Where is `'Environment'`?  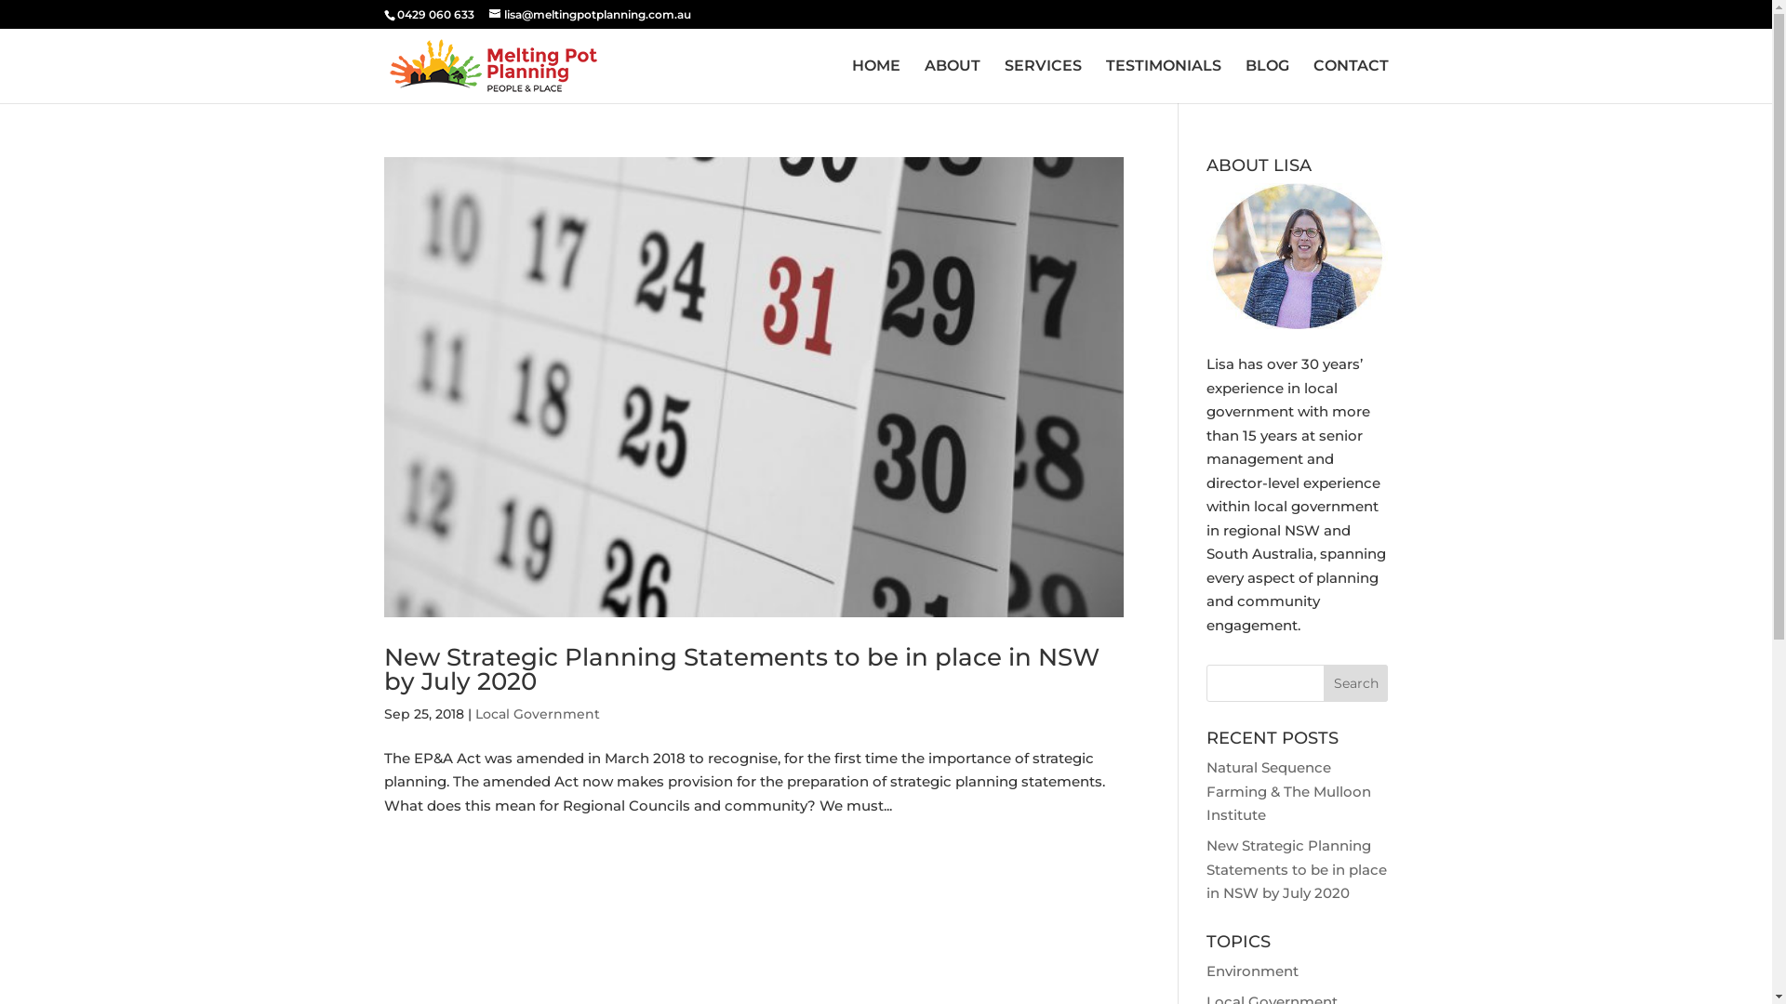
'Environment' is located at coordinates (1252, 970).